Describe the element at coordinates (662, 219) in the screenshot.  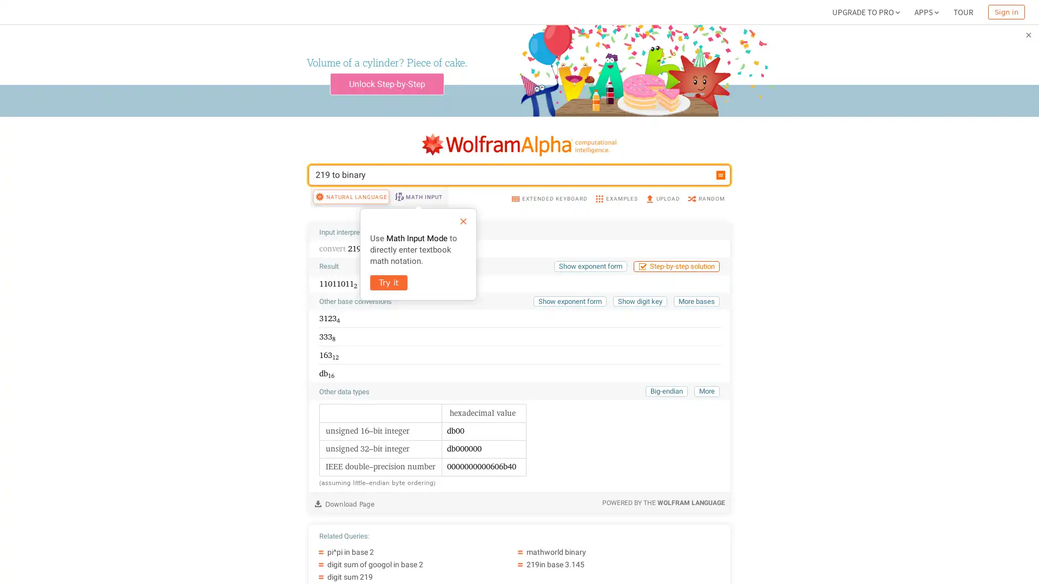
I see `UPLOAD` at that location.